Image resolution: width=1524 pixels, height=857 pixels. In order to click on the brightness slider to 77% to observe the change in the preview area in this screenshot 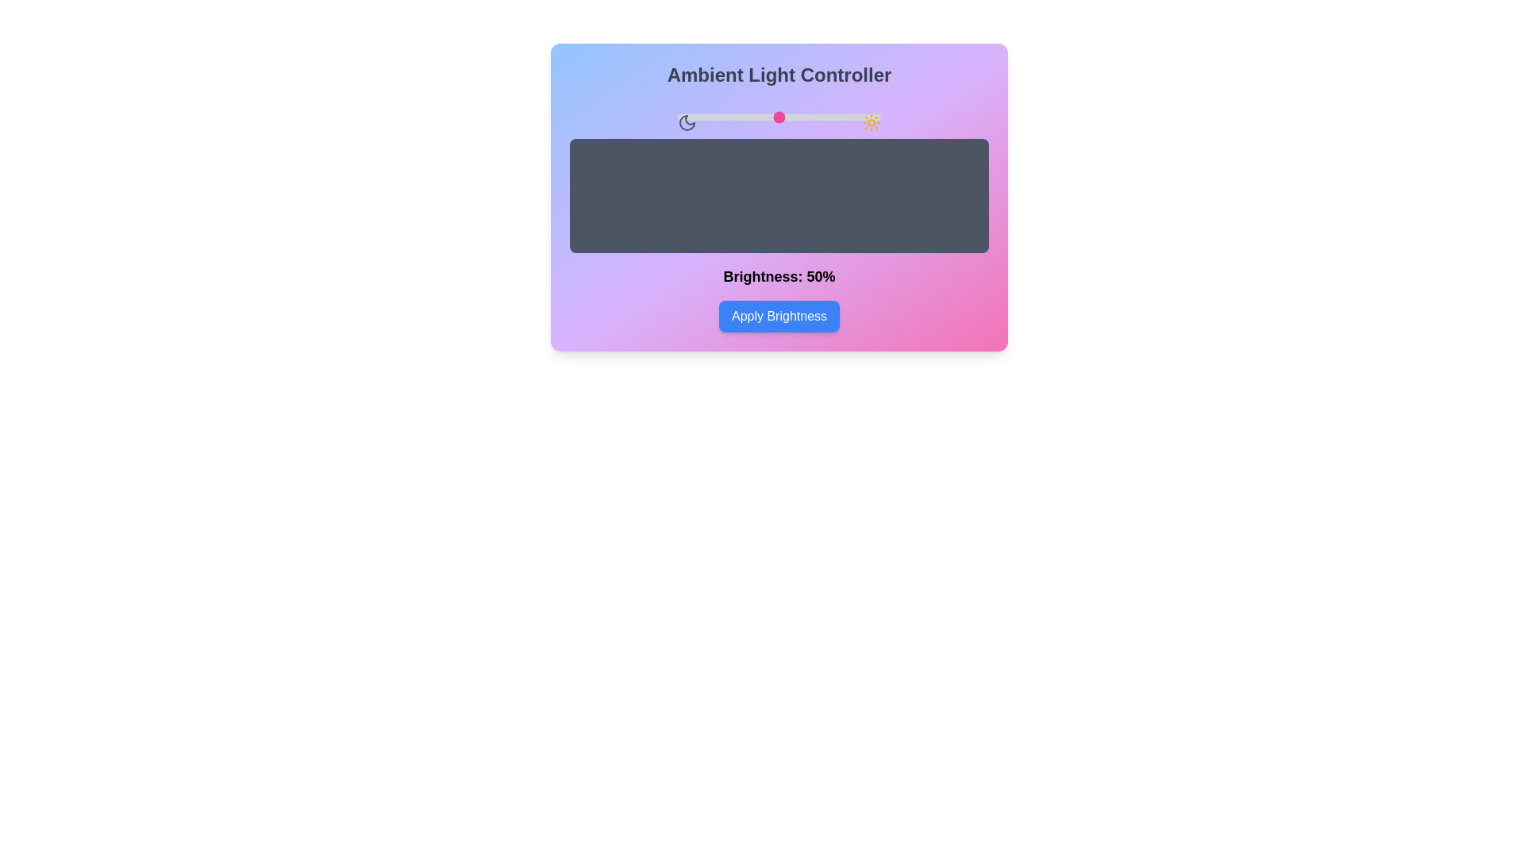, I will do `click(833, 116)`.